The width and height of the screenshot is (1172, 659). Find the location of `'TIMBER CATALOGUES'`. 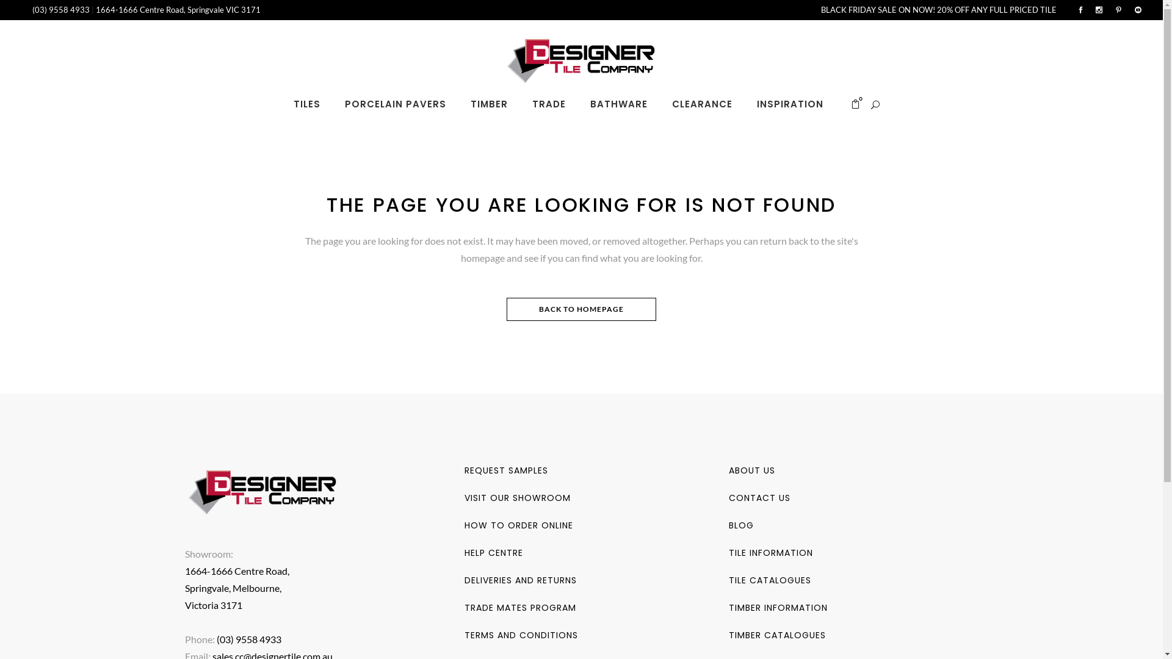

'TIMBER CATALOGUES' is located at coordinates (729, 635).